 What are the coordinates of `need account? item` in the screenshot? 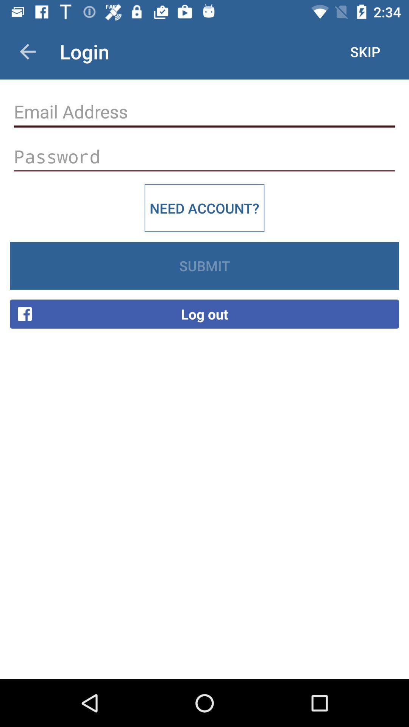 It's located at (204, 208).